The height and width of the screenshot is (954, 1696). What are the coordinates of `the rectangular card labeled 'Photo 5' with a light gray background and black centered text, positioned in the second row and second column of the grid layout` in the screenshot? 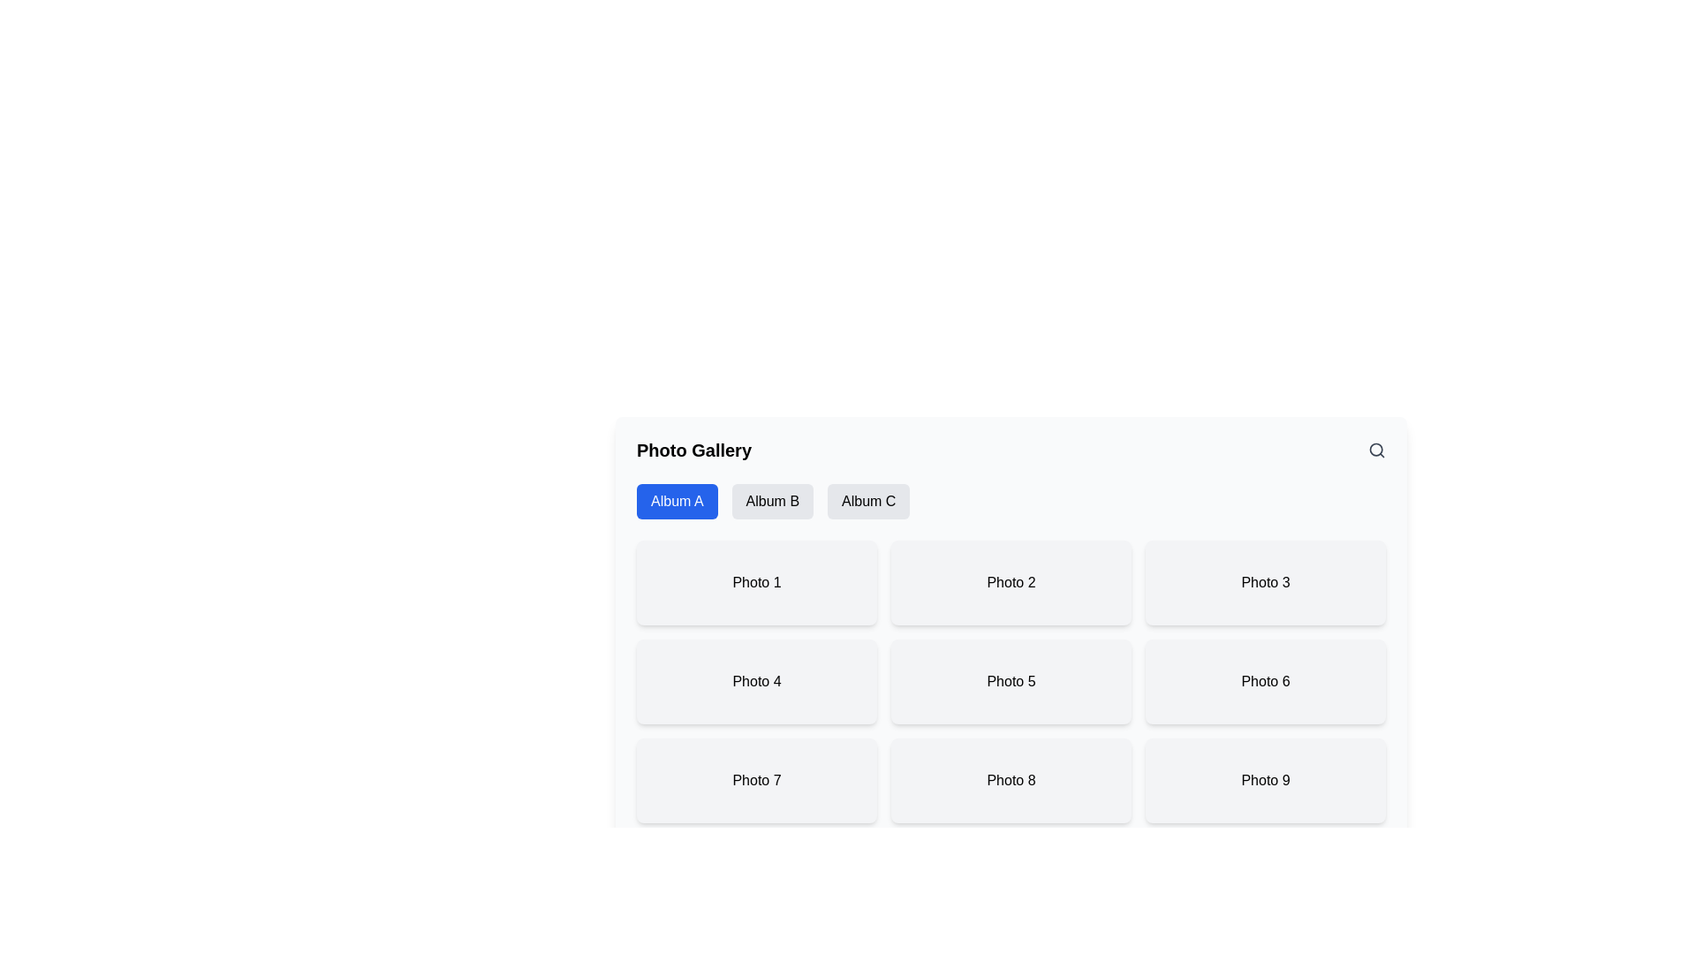 It's located at (1011, 680).